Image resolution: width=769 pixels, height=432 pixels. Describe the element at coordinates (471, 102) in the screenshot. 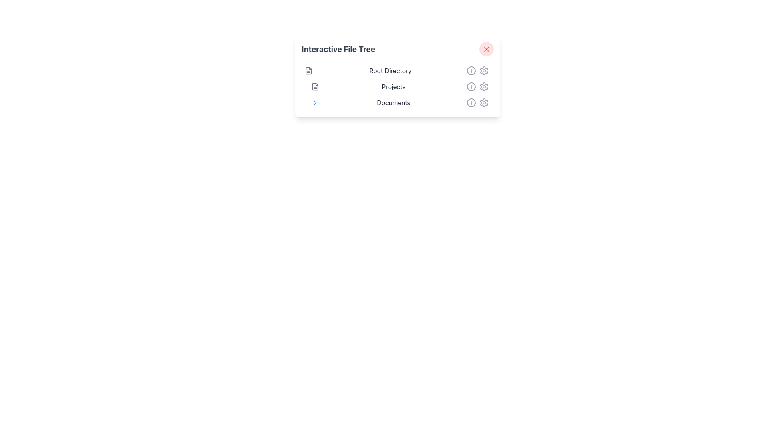

I see `the information icon located to the immediate right of the 'Documents' text in the vertical list` at that location.